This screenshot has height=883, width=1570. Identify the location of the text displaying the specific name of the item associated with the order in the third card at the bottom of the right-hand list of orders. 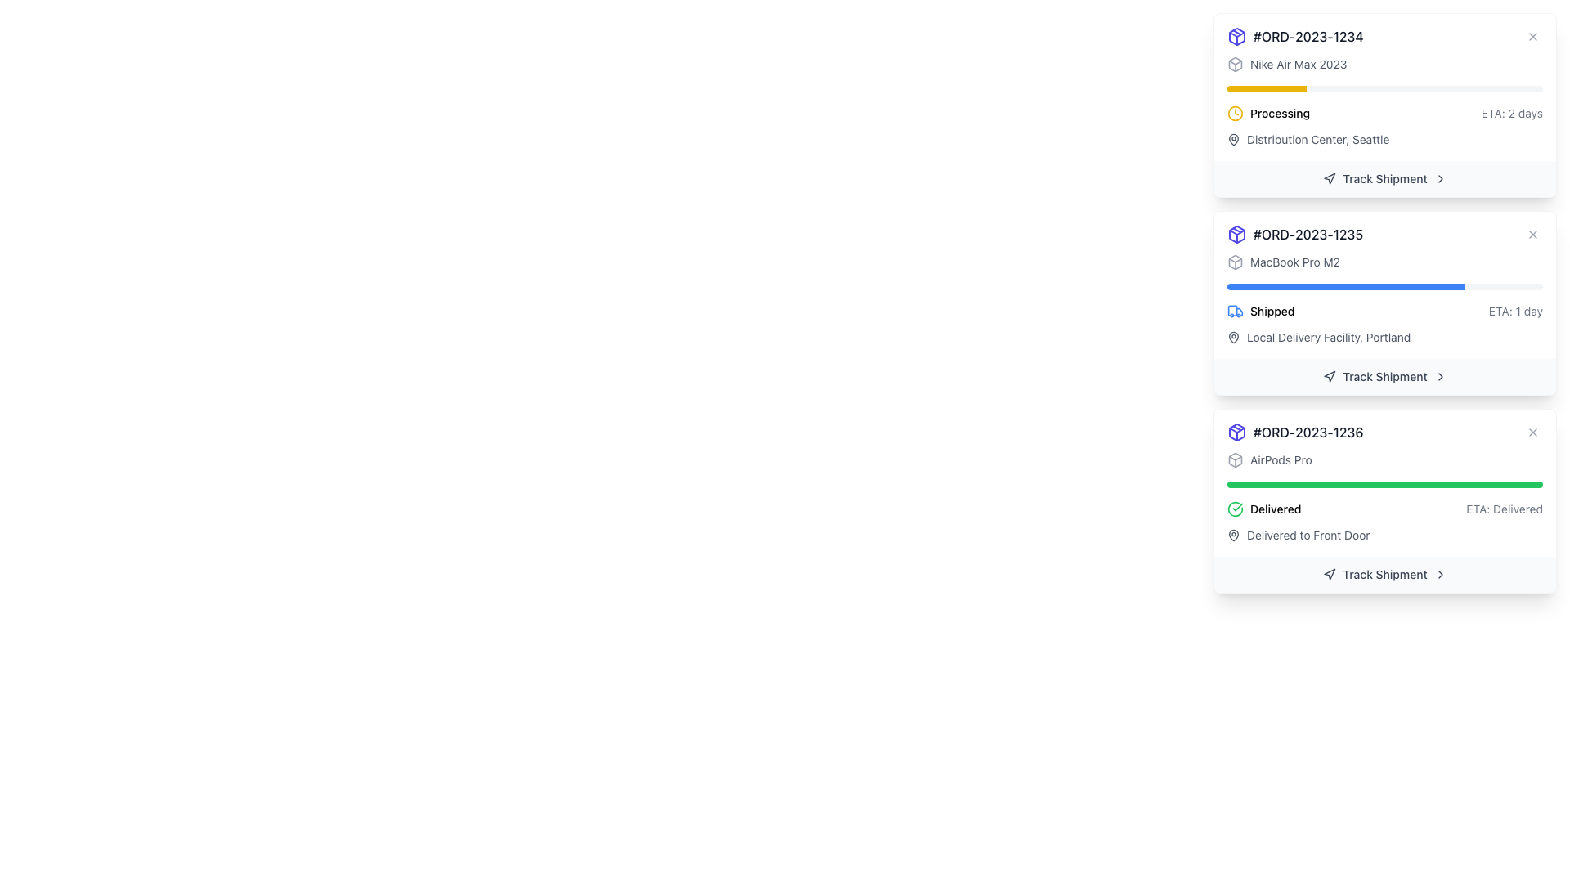
(1280, 460).